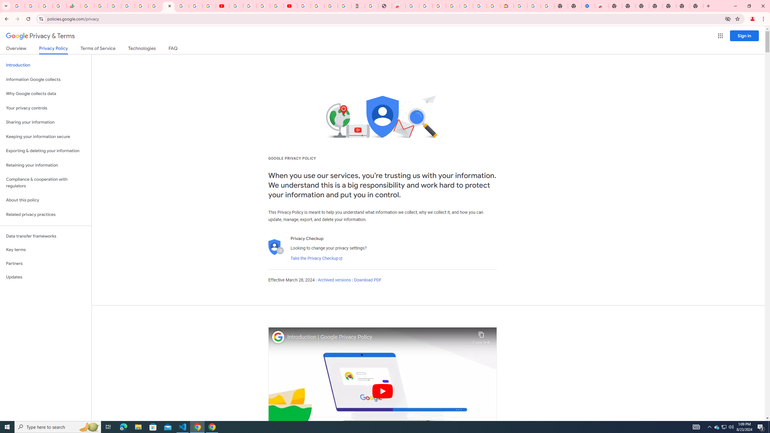 Image resolution: width=770 pixels, height=433 pixels. Describe the element at coordinates (368, 280) in the screenshot. I see `'Download PDF'` at that location.